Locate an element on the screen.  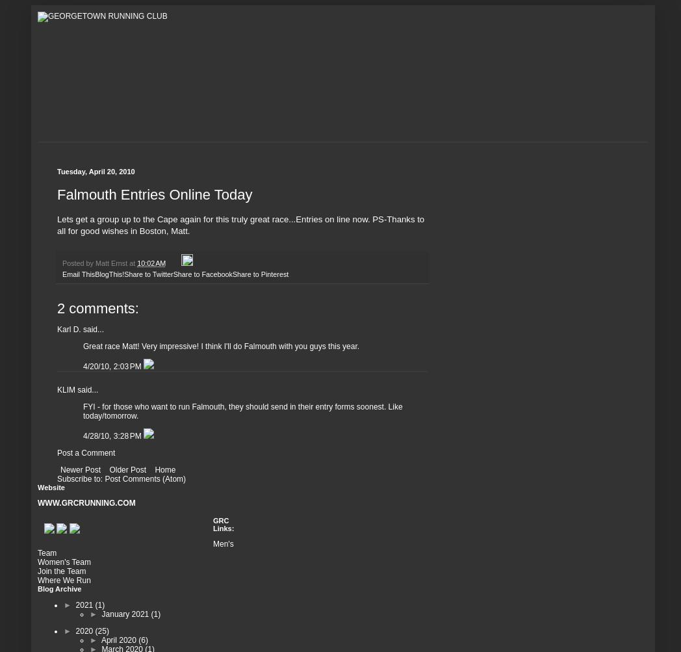
'Post Comments (Atom)' is located at coordinates (104, 478).